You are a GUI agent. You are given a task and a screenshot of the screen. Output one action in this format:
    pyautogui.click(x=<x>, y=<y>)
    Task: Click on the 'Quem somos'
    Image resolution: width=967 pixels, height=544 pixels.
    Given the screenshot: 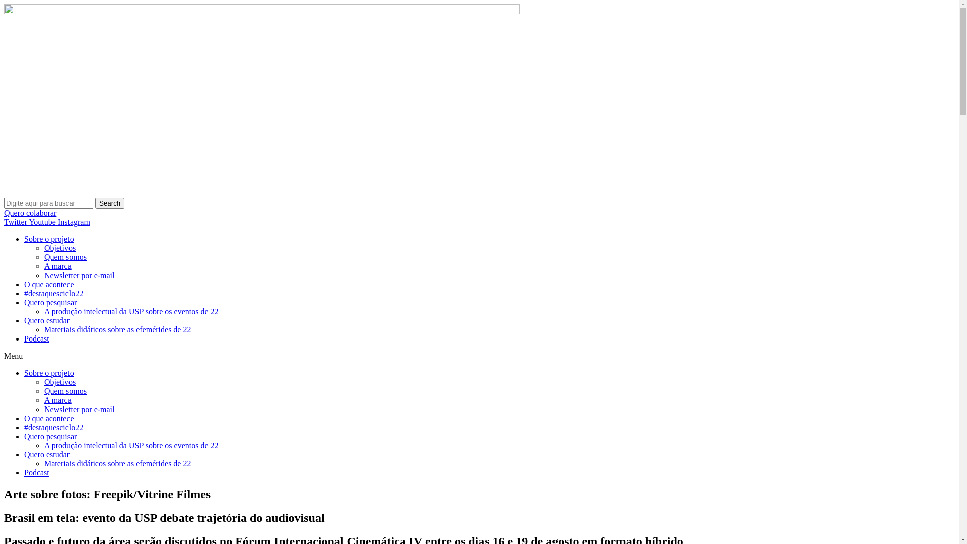 What is the action you would take?
    pyautogui.click(x=64, y=256)
    